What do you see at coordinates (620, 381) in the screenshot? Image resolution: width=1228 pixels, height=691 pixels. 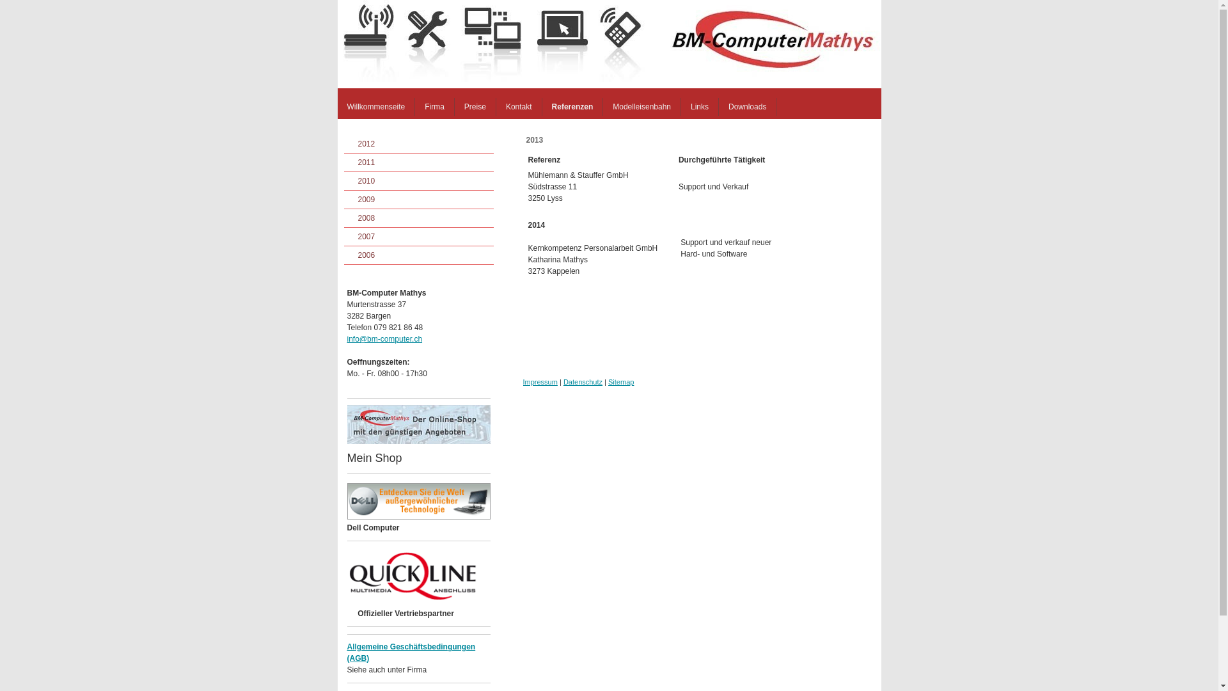 I see `'Sitemap'` at bounding box center [620, 381].